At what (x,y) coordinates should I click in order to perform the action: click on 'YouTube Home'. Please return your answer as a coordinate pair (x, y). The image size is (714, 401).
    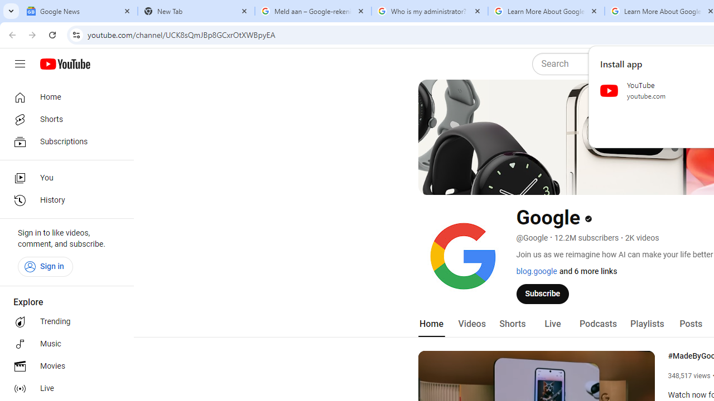
    Looking at the image, I should click on (64, 64).